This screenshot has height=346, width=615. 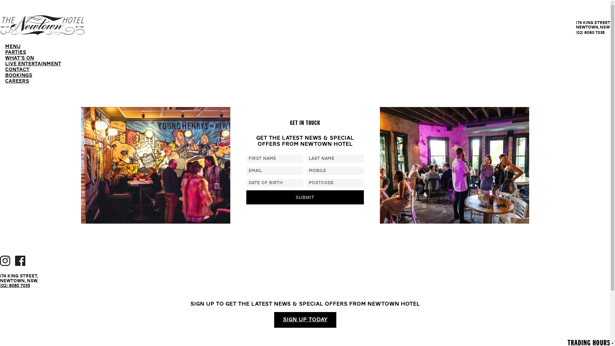 What do you see at coordinates (305, 320) in the screenshot?
I see `'SIGN UP TODAY'` at bounding box center [305, 320].